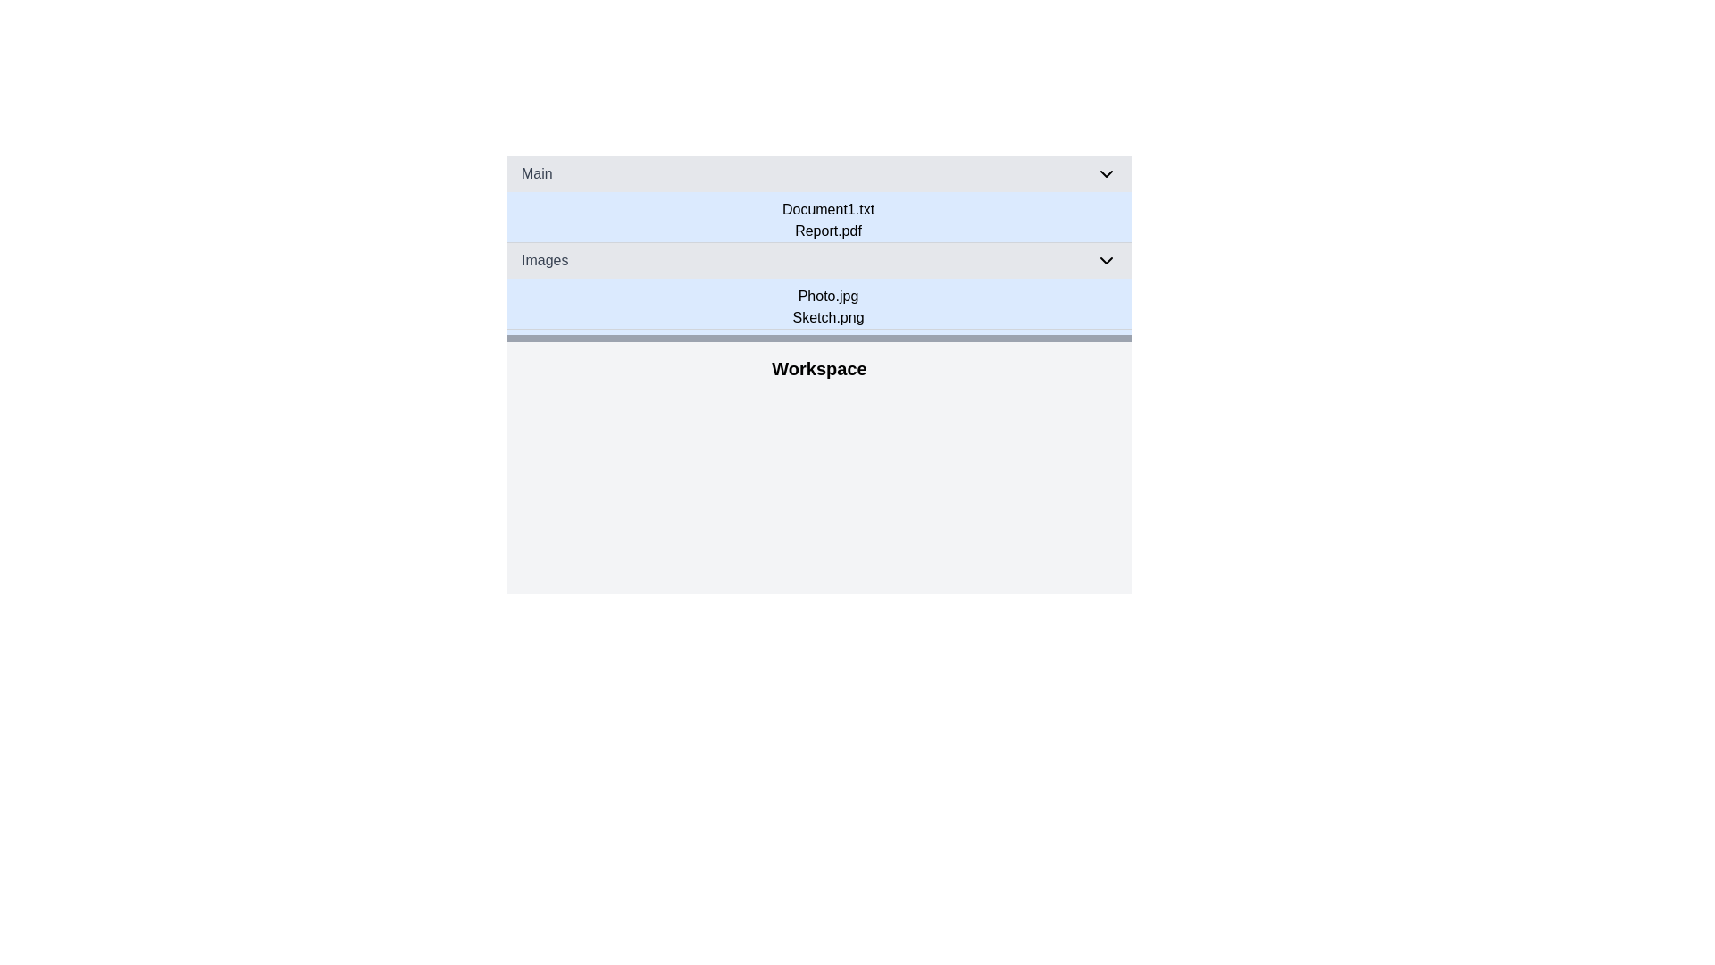 The image size is (1715, 965). What do you see at coordinates (827, 209) in the screenshot?
I see `the text label displaying 'Document1.txt', which is the top item` at bounding box center [827, 209].